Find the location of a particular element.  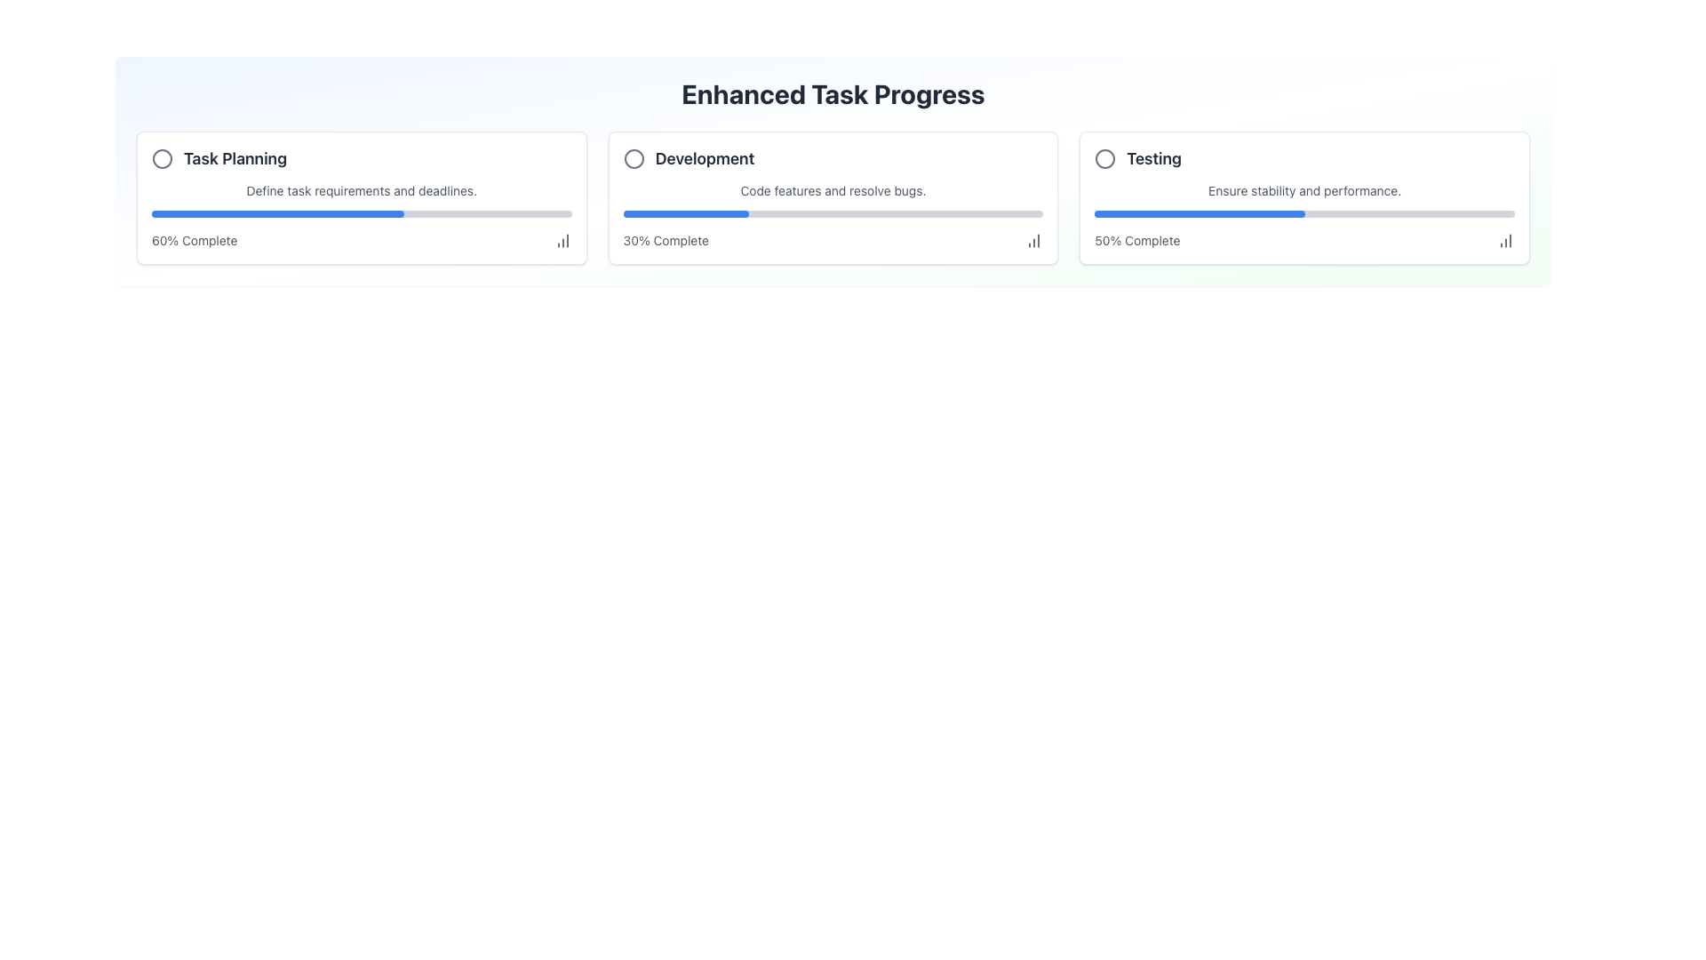

the progress indicator icon located in the lower-right corner of the first task progress card, which shows '60% Complete.' is located at coordinates (562, 240).